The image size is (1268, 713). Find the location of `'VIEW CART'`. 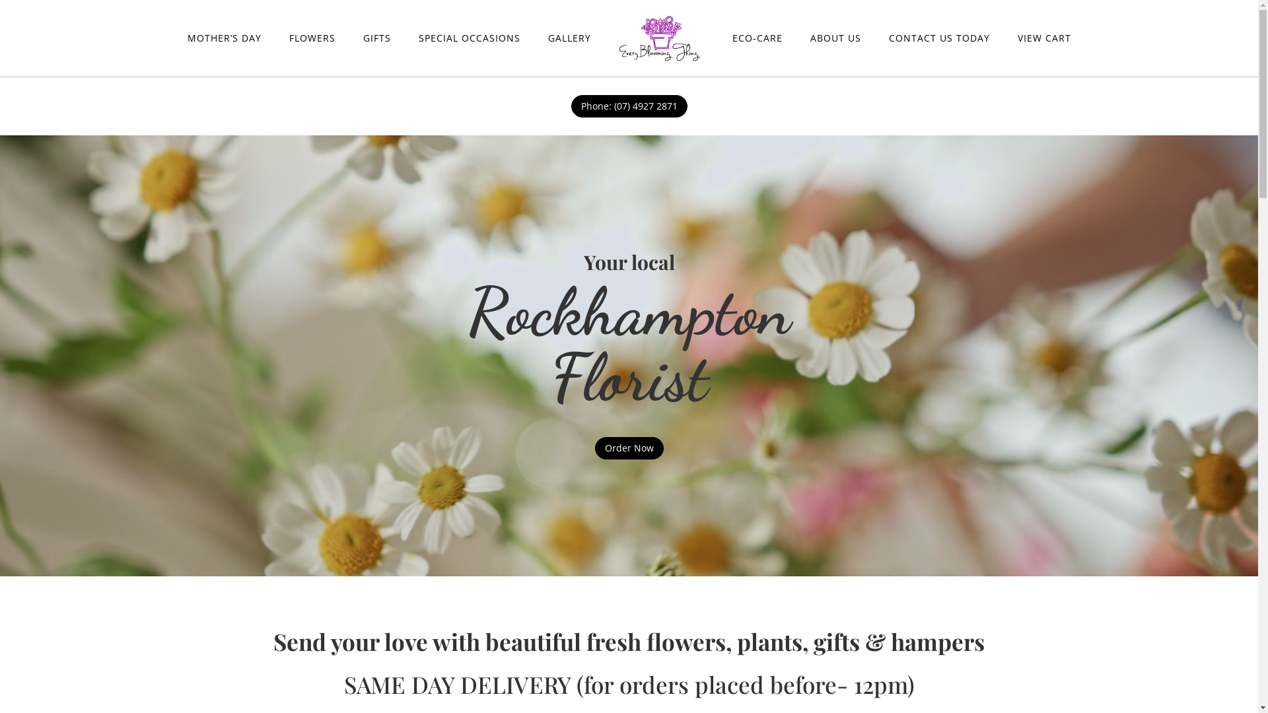

'VIEW CART' is located at coordinates (1016, 37).